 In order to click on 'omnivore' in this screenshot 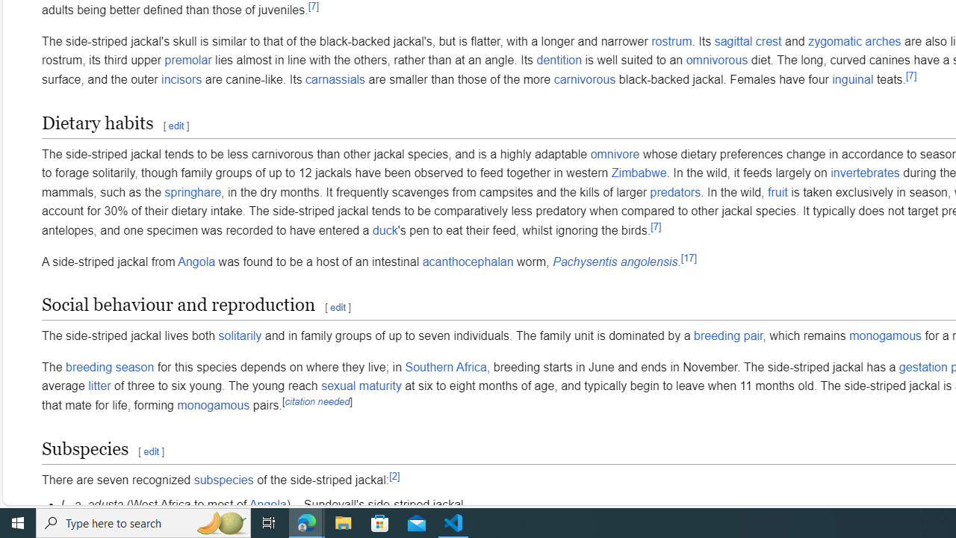, I will do `click(615, 154)`.